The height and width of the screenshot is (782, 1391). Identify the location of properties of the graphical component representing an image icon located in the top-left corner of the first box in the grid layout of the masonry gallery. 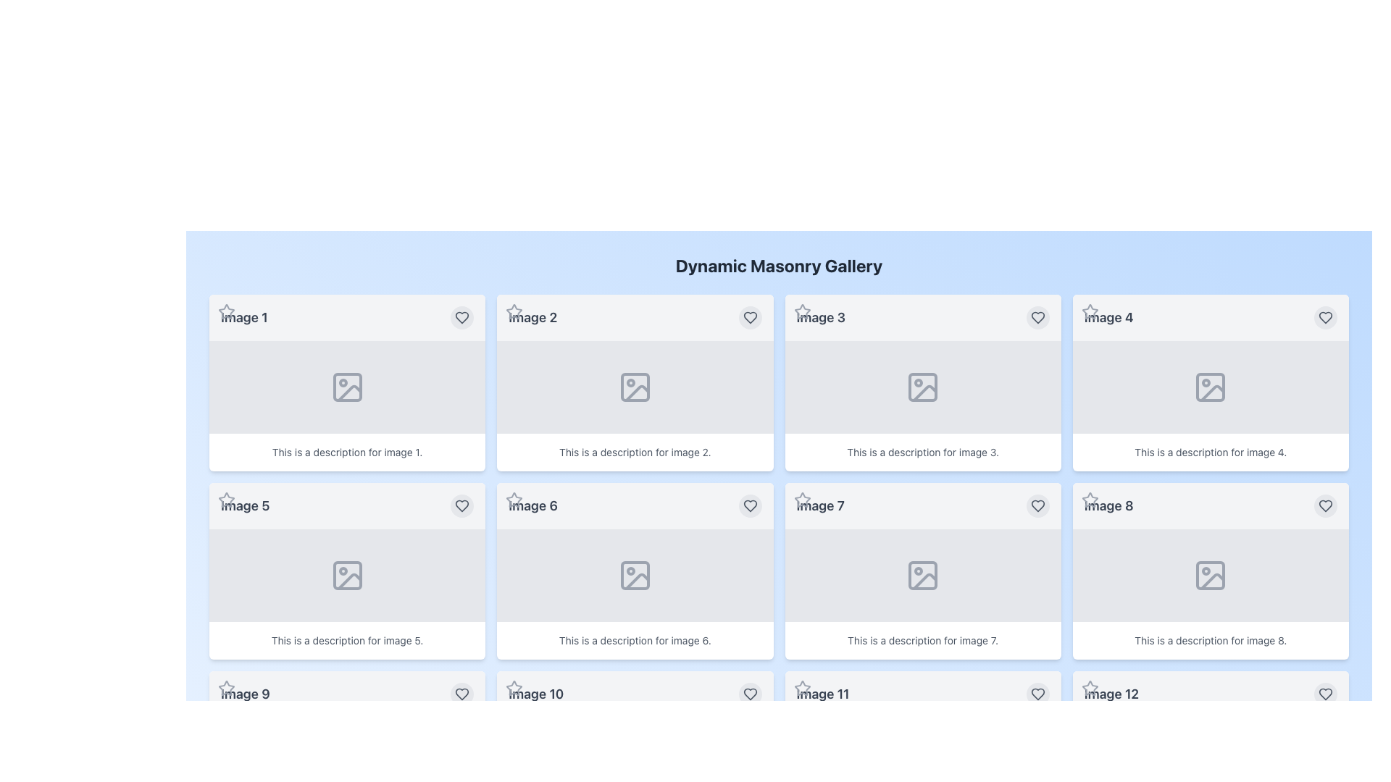
(346, 387).